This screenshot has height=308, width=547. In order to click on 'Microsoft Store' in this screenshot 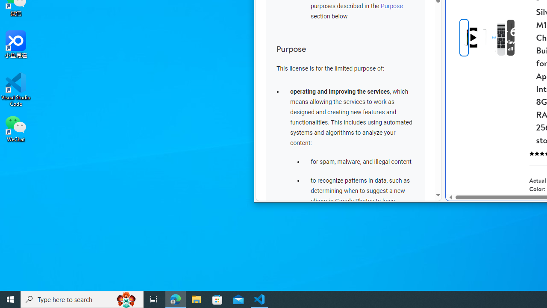, I will do `click(218, 299)`.